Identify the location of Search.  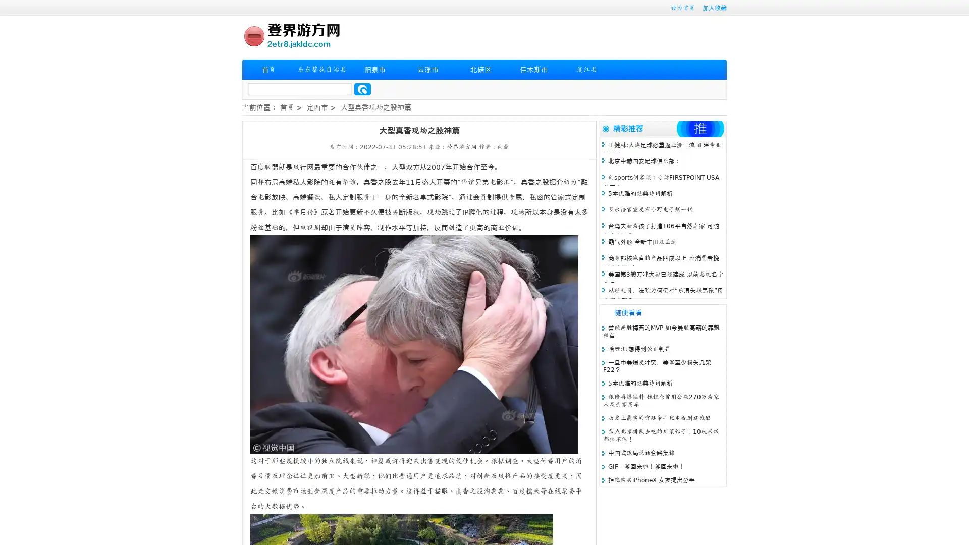
(362, 89).